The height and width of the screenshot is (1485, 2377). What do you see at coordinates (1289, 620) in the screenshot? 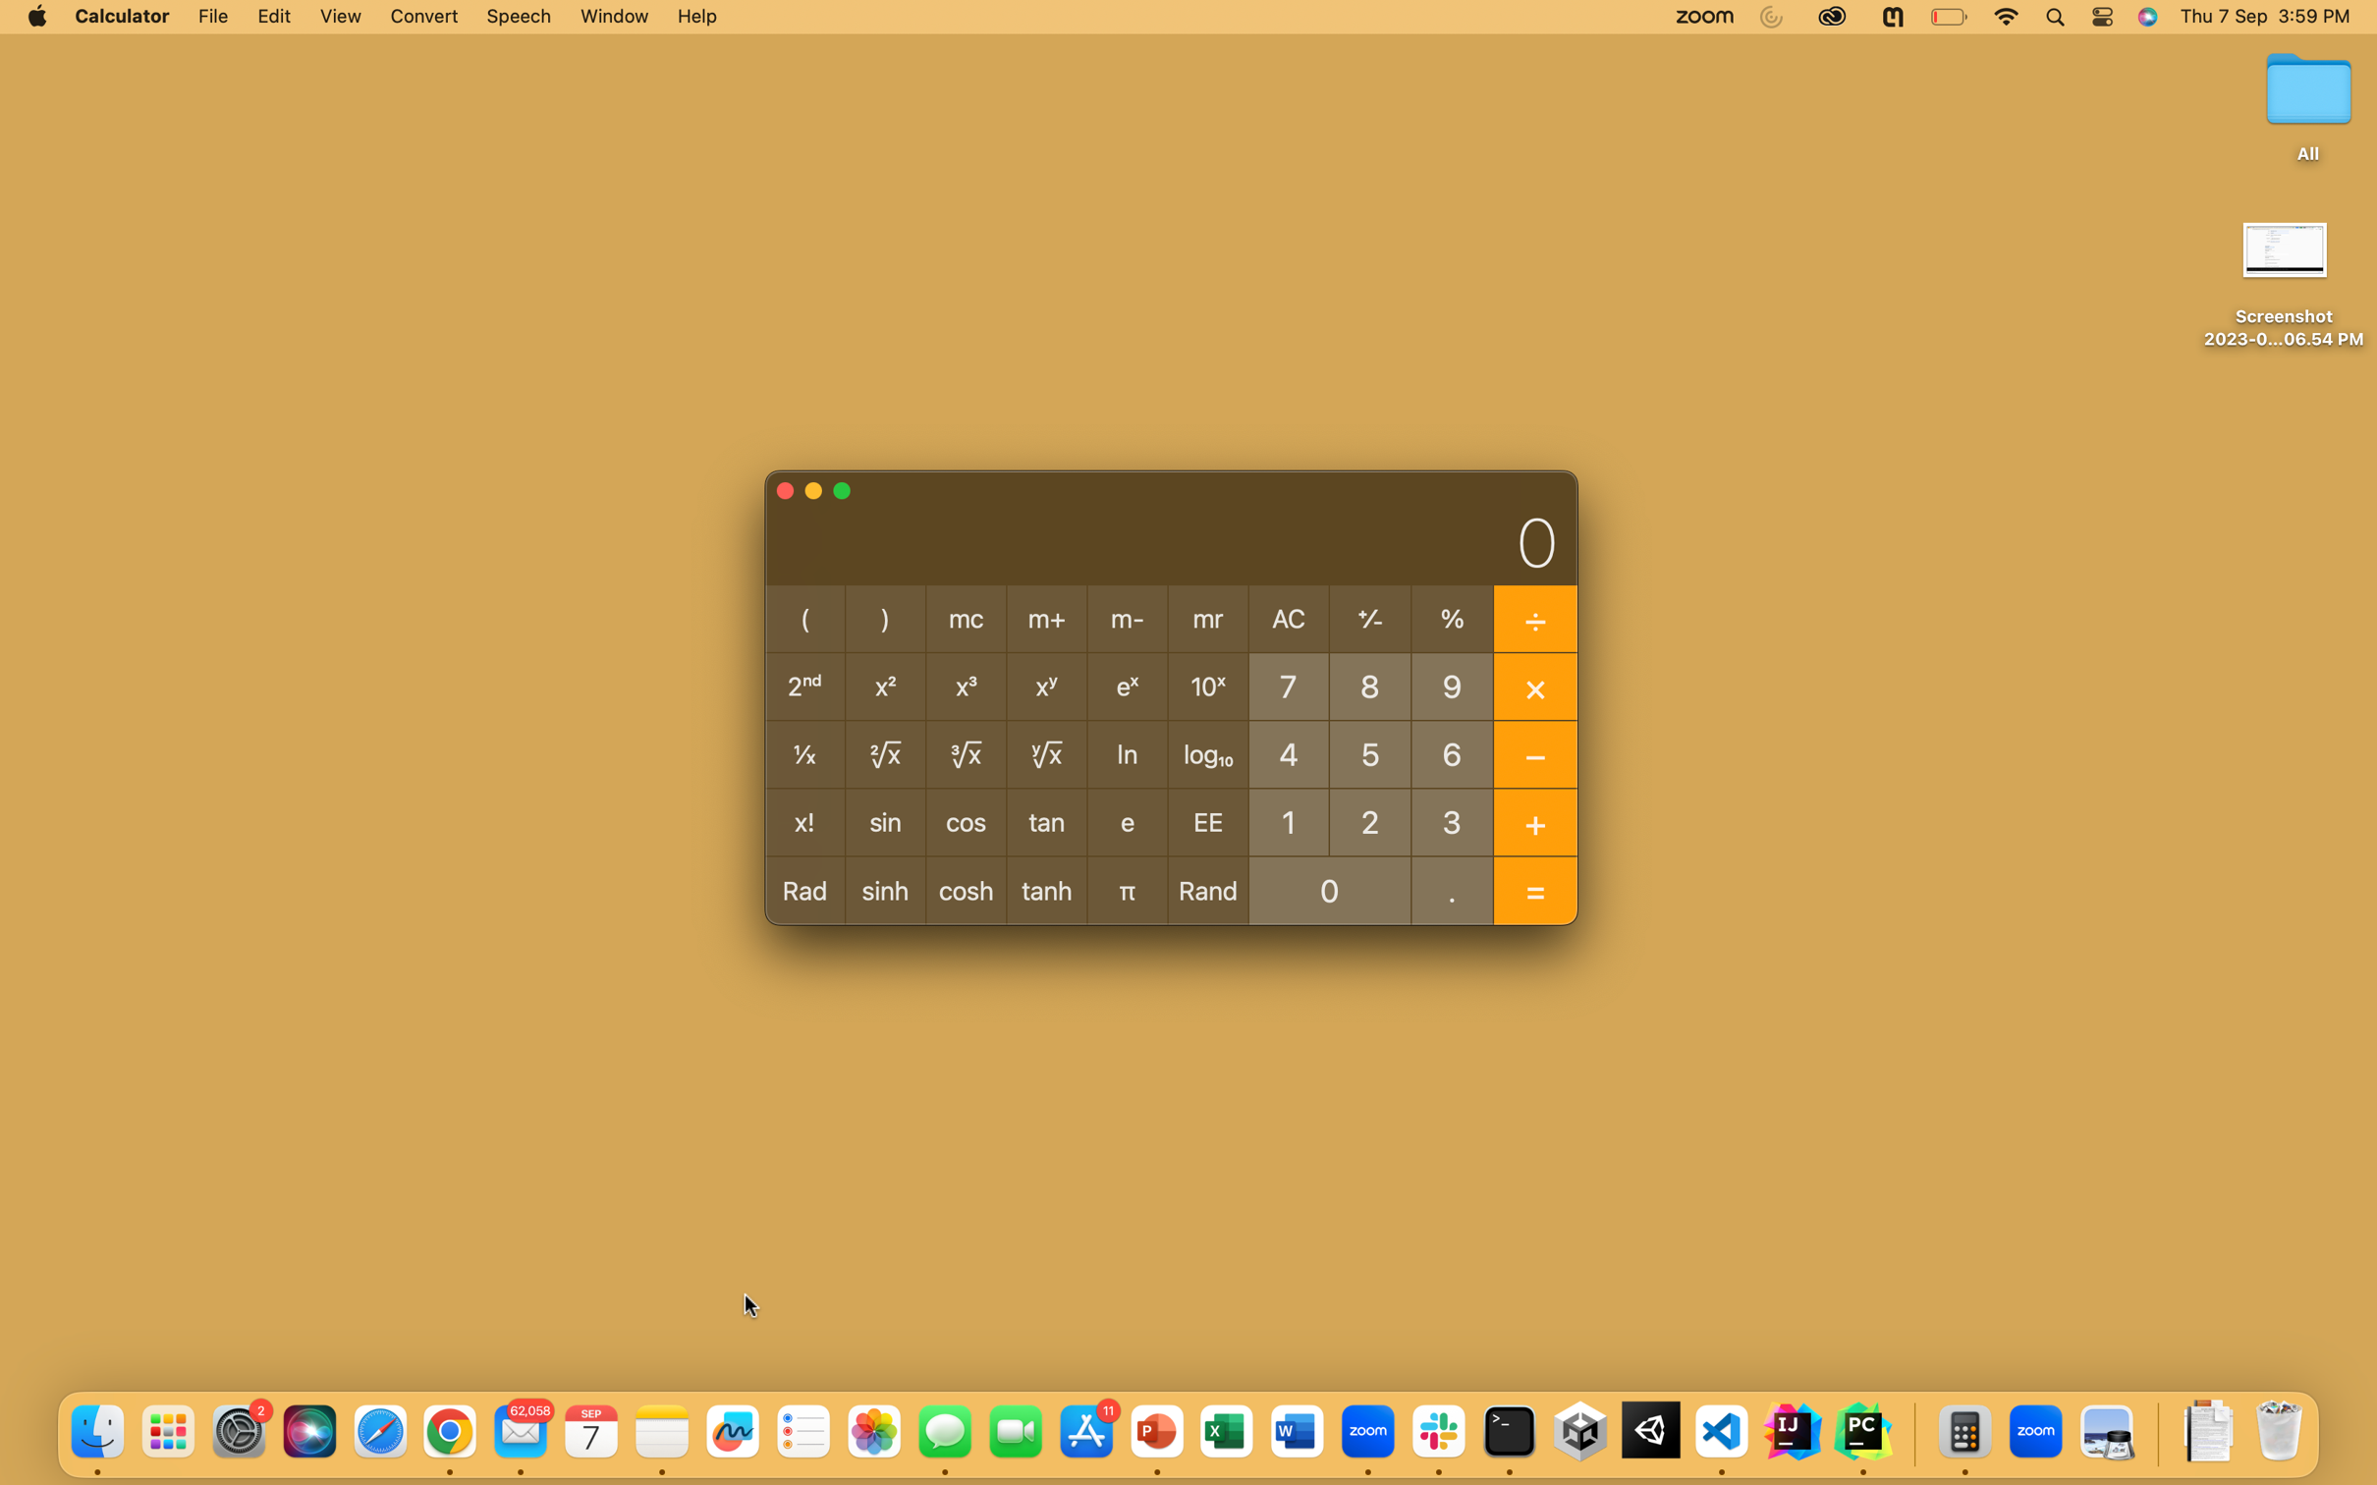
I see `"AC" to wipe off all inputs` at bounding box center [1289, 620].